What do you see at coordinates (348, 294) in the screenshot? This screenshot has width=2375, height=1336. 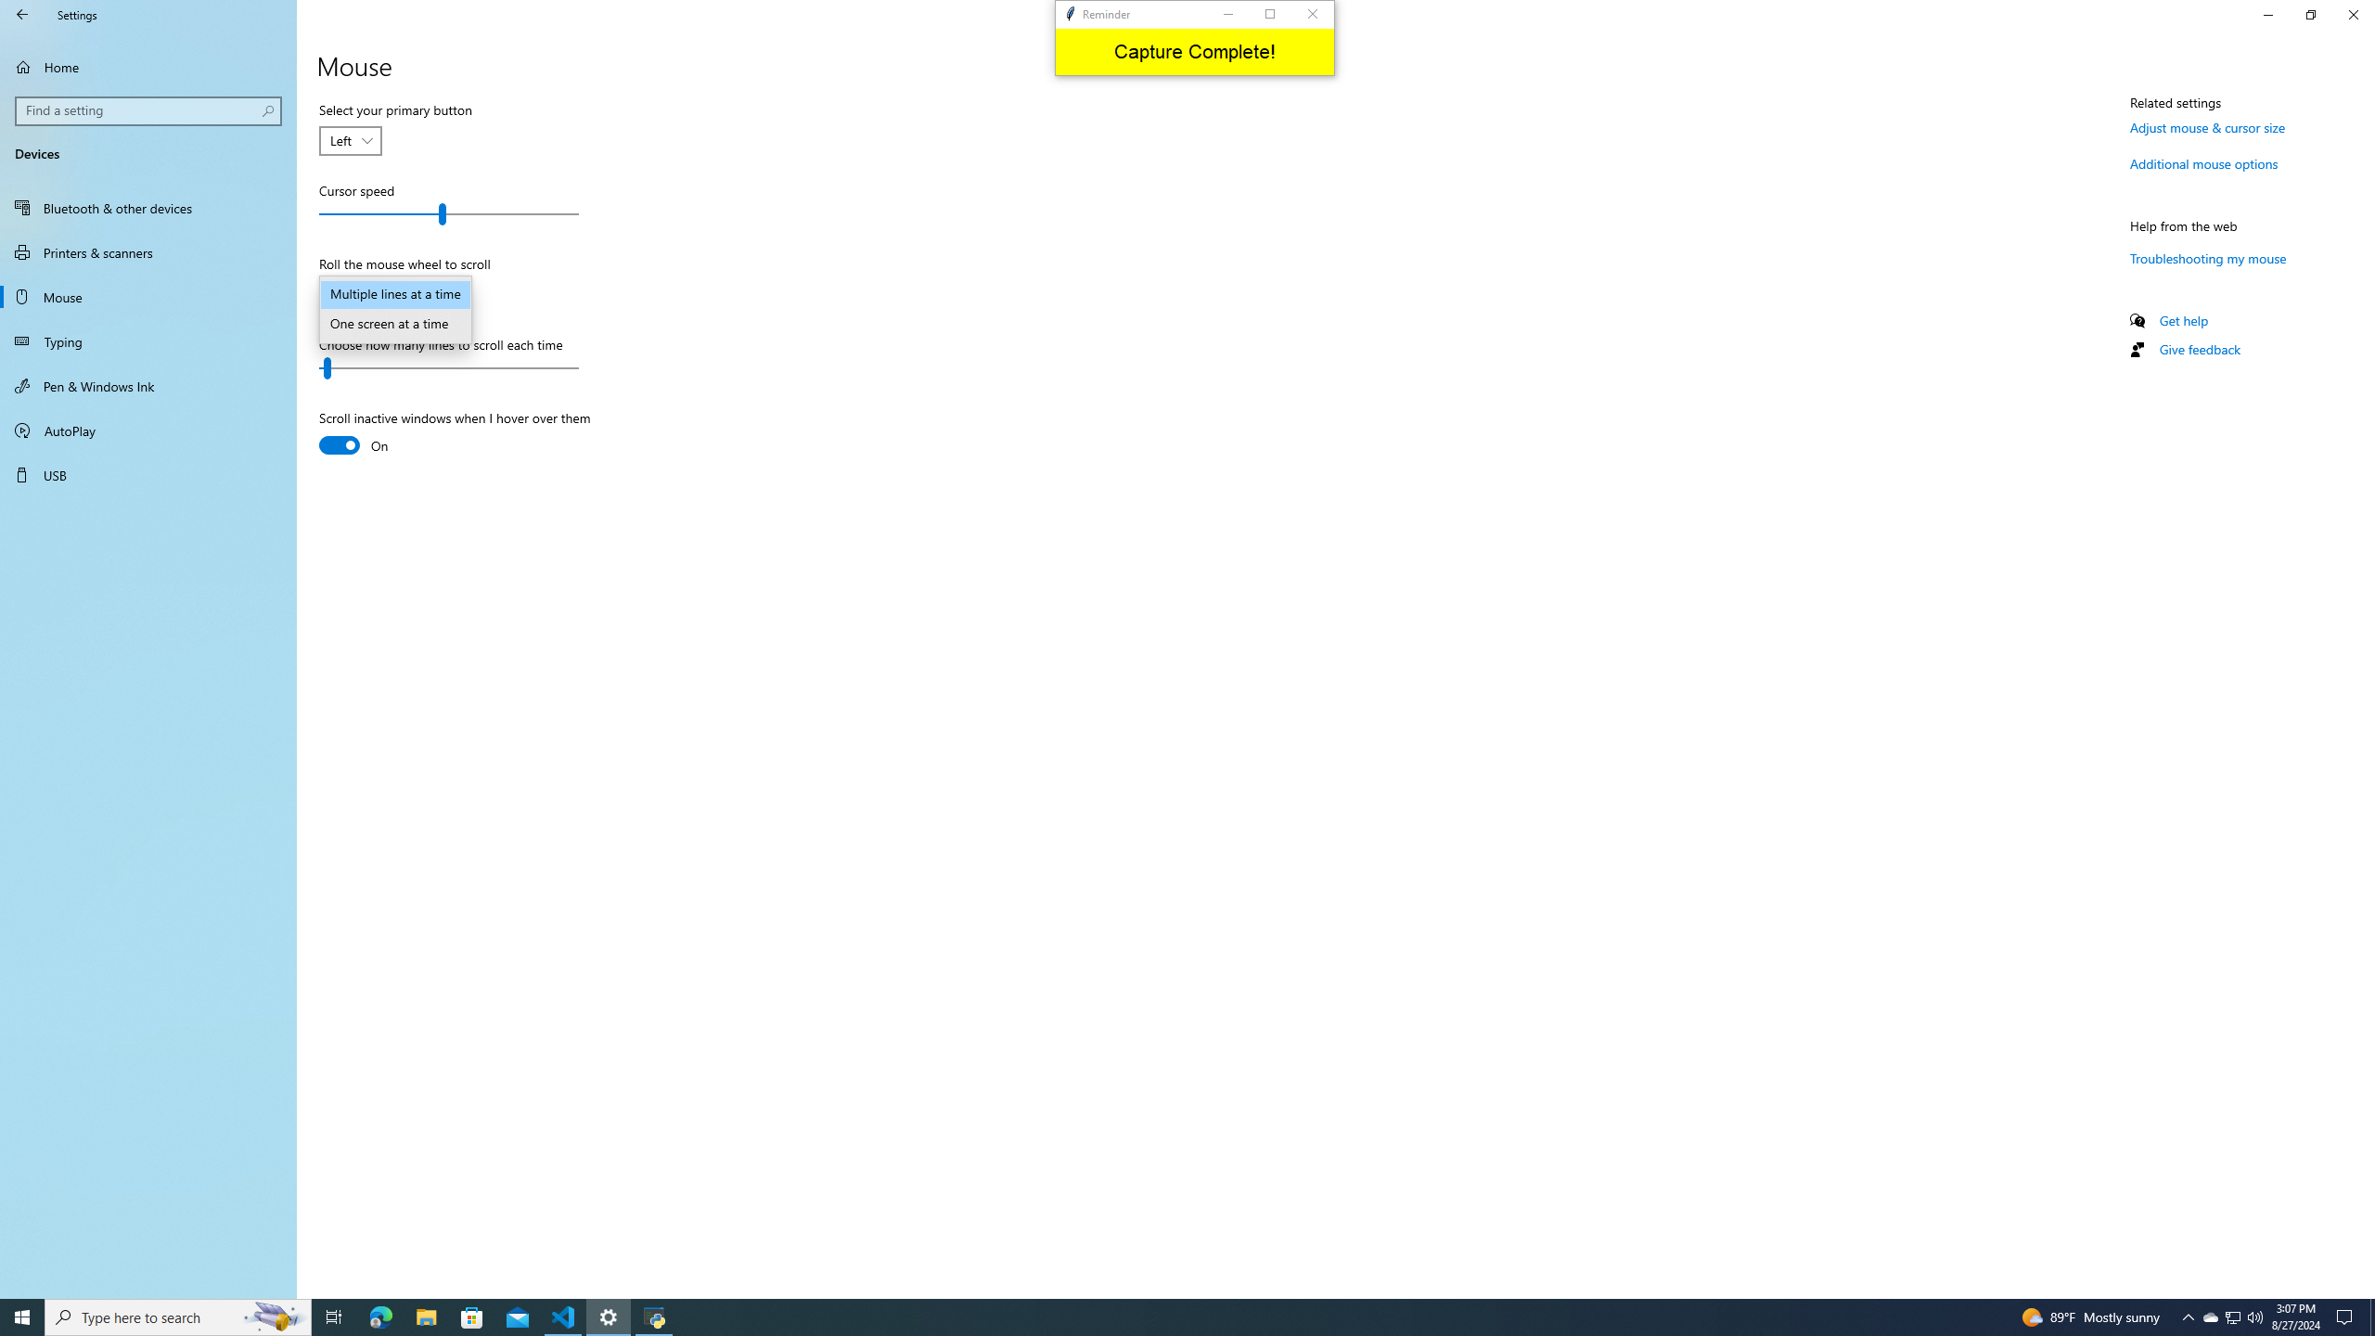 I see `'Roll the mouse wheel to scroll'` at bounding box center [348, 294].